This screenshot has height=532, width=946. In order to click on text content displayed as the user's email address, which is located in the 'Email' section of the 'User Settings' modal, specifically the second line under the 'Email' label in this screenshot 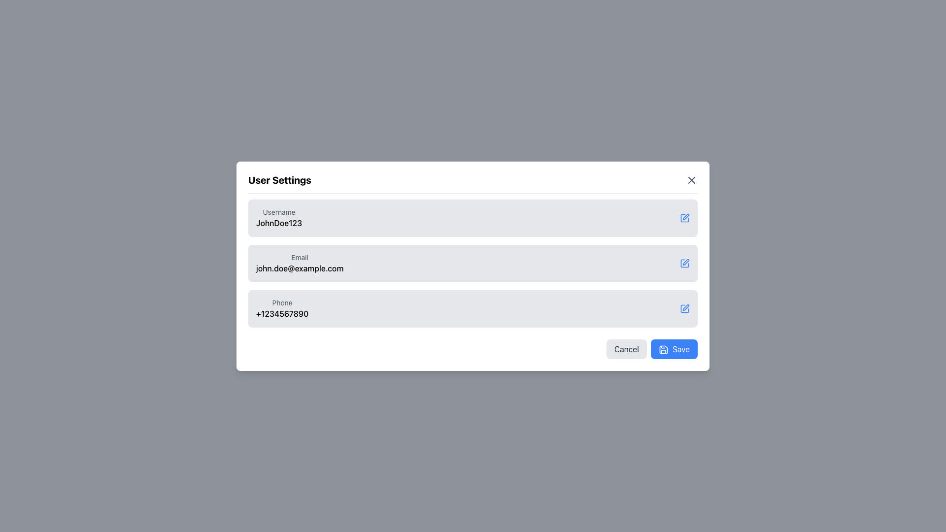, I will do `click(299, 268)`.